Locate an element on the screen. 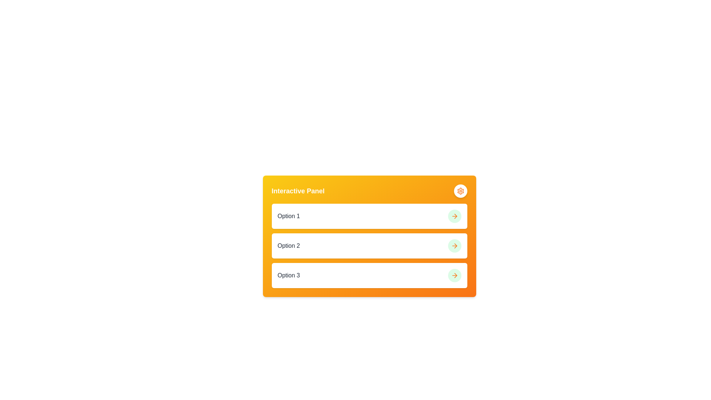  the circular settings button with an orange gear icon located at the top-right corner of the Interactive Panel is located at coordinates (460, 191).